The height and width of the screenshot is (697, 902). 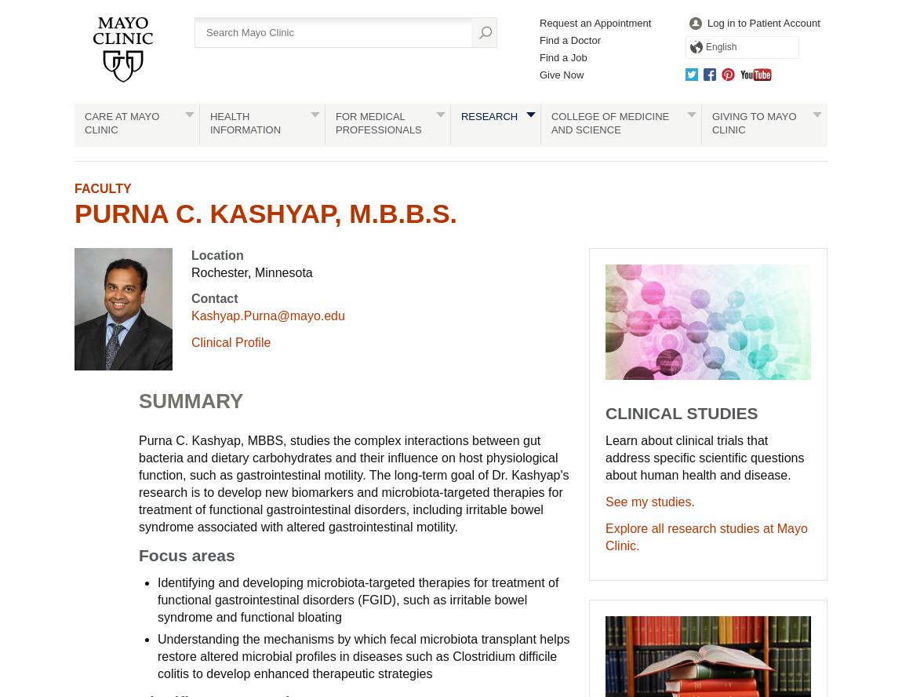 I want to click on 'SUMMARY', so click(x=190, y=400).